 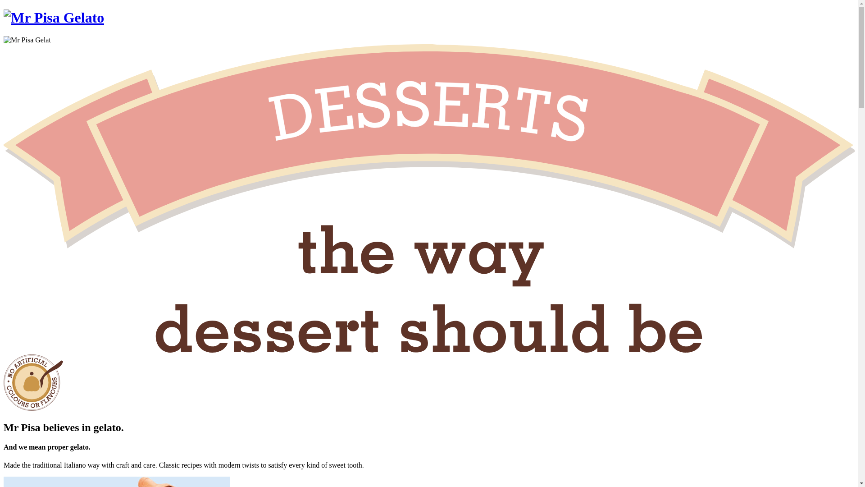 What do you see at coordinates (53, 18) in the screenshot?
I see `'Mr Pisa Gelato'` at bounding box center [53, 18].